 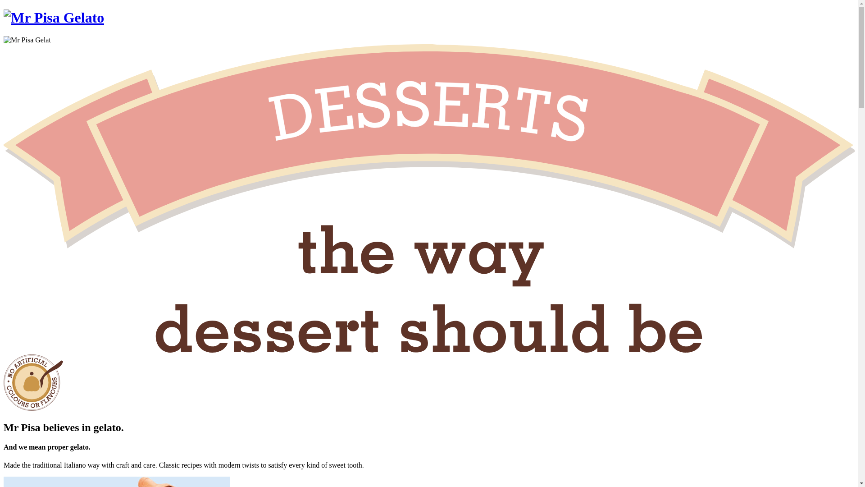 What do you see at coordinates (53, 18) in the screenshot?
I see `'Mr Pisa Gelato'` at bounding box center [53, 18].